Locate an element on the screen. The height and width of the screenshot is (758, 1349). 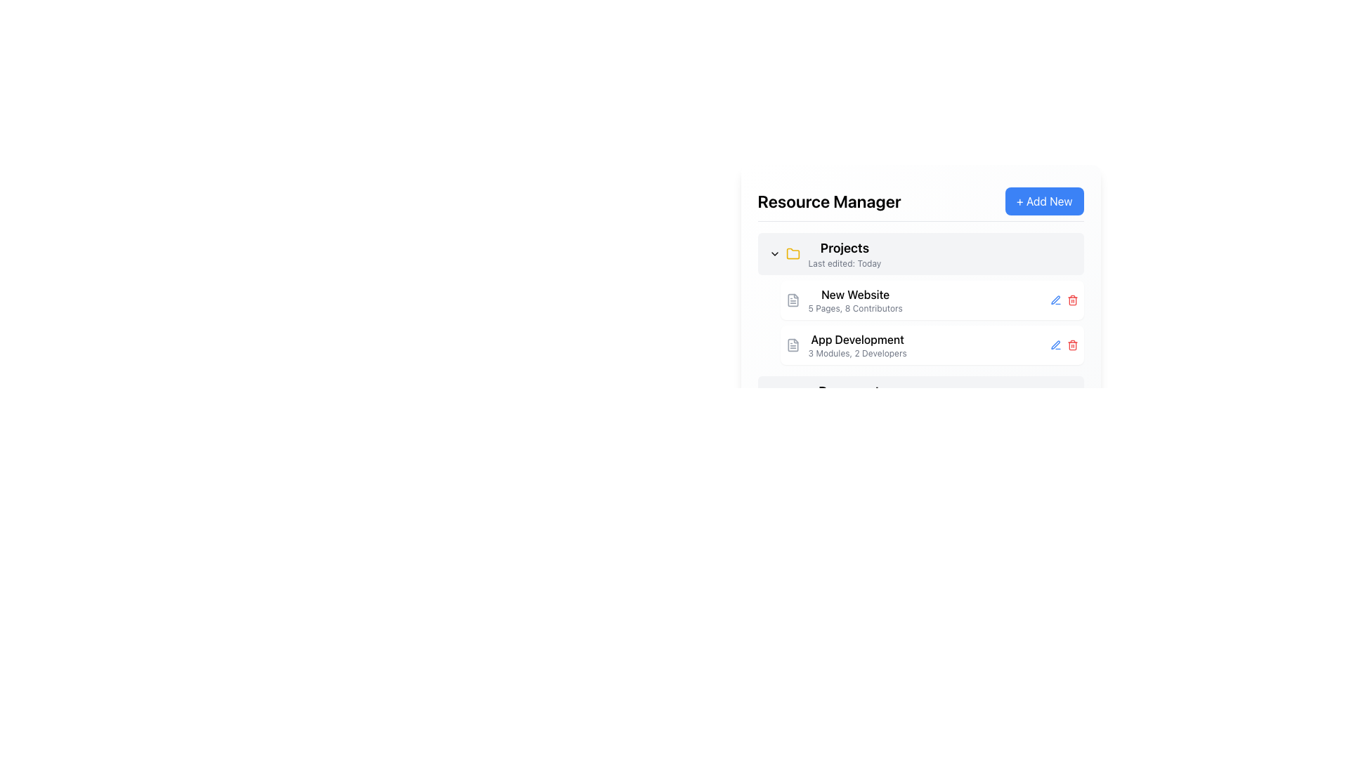
the dropdown indicator SVG icon next to the 'Projects' section is located at coordinates (774, 254).